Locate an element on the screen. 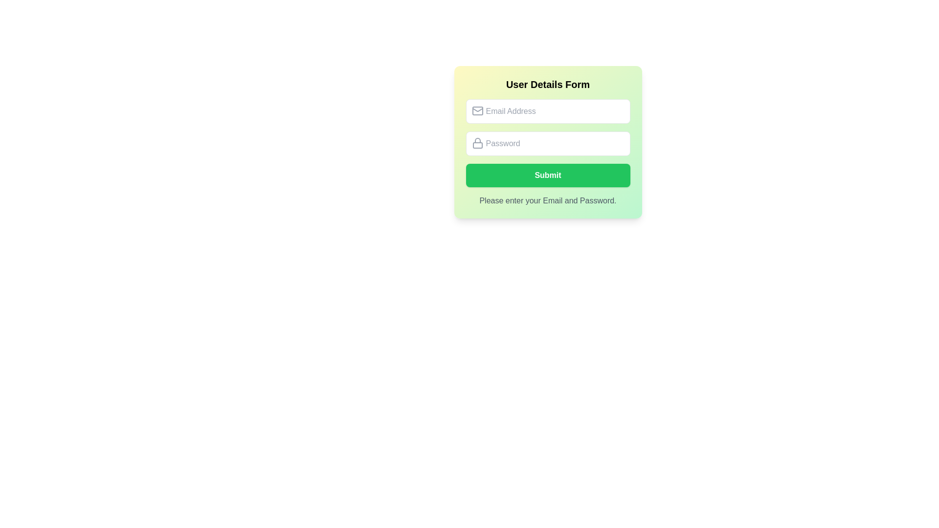 Image resolution: width=939 pixels, height=528 pixels. informational text that instructs users to provide their email and password, located below the 'Submit' button in the form is located at coordinates (548, 200).